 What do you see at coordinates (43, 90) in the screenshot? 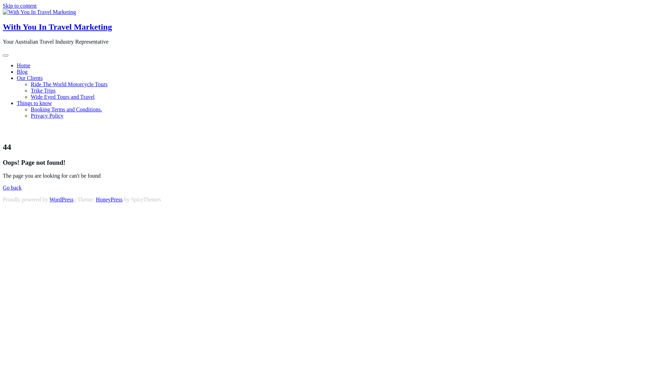
I see `'Trike Trips'` at bounding box center [43, 90].